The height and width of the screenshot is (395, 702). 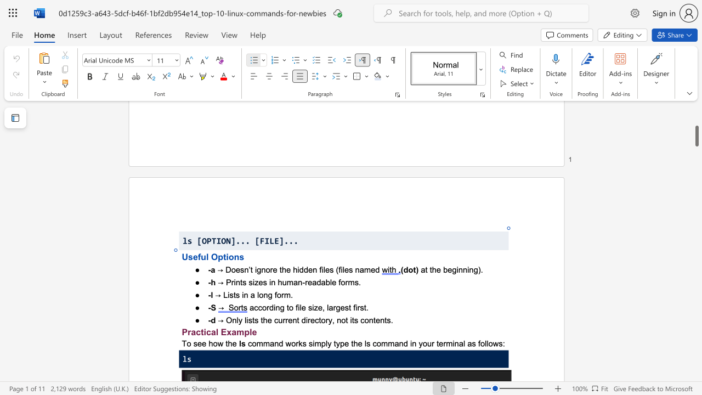 I want to click on the 3th character "a" in the text, so click(x=233, y=331).